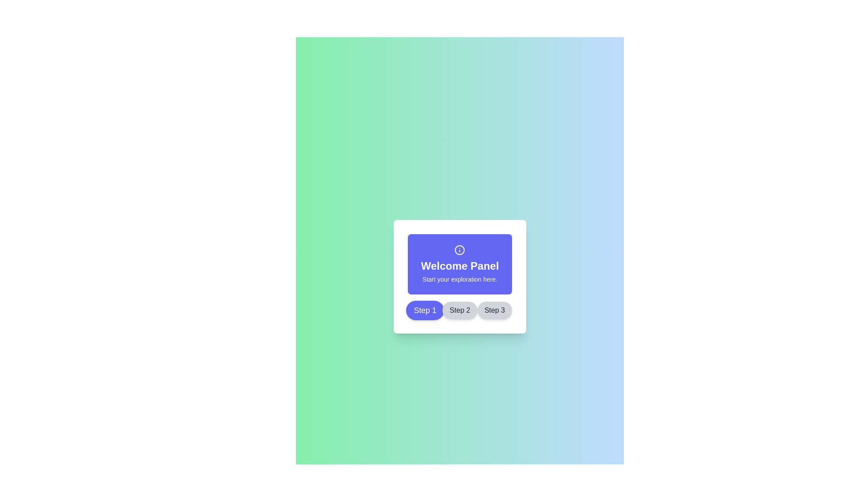 The image size is (852, 479). I want to click on the first step indicator button located under the 'Welcome Panel', which is part of a sequence of three buttons labeled 'Step 1', 'Step 2', and 'Step 3', so click(425, 310).